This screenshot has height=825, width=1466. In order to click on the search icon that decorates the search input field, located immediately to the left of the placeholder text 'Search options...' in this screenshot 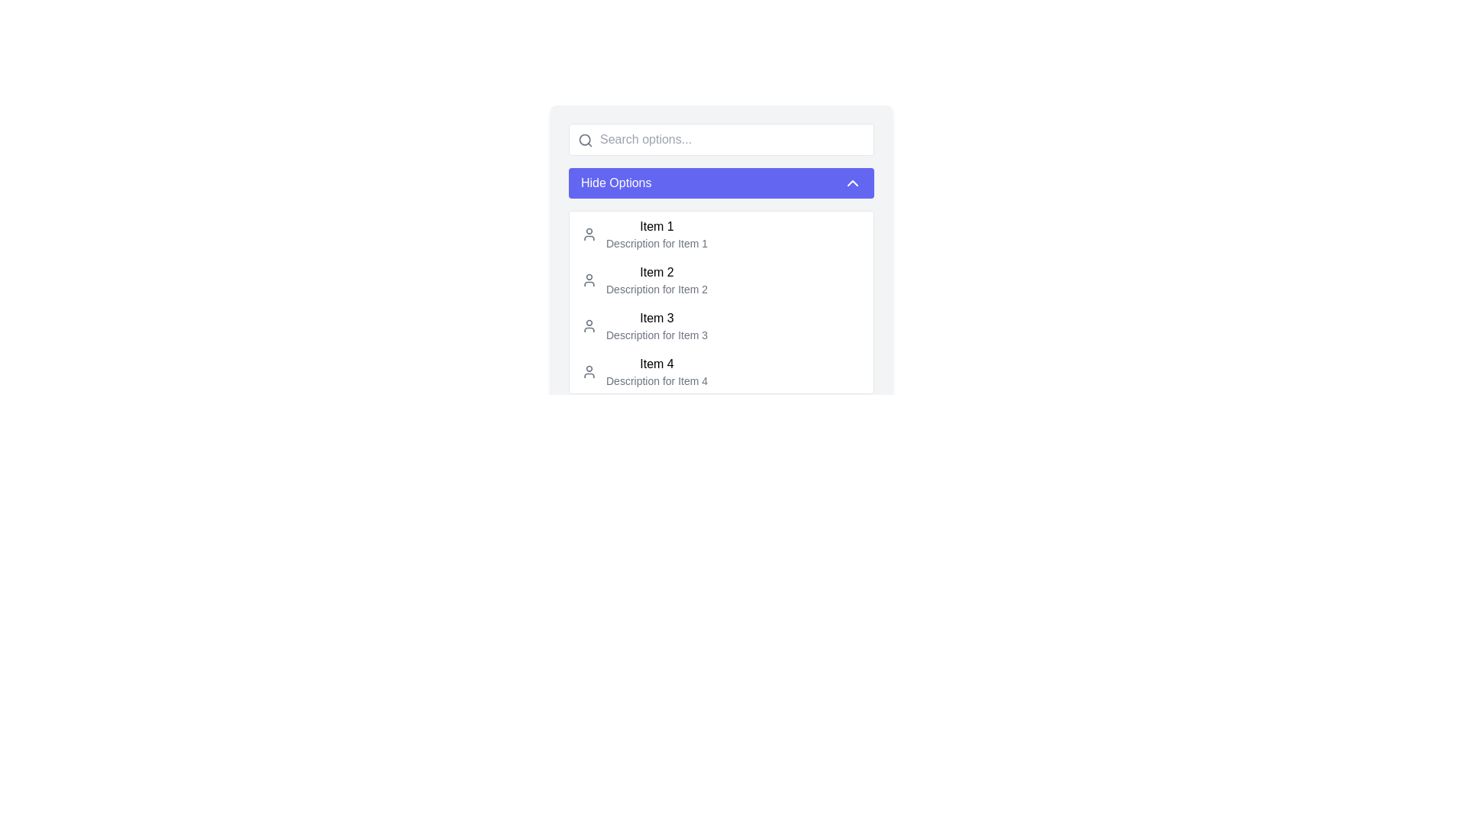, I will do `click(585, 141)`.